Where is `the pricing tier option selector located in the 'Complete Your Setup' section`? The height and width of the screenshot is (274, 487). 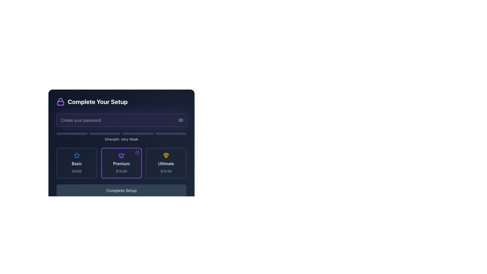 the pricing tier option selector located in the 'Complete Your Setup' section is located at coordinates (121, 155).